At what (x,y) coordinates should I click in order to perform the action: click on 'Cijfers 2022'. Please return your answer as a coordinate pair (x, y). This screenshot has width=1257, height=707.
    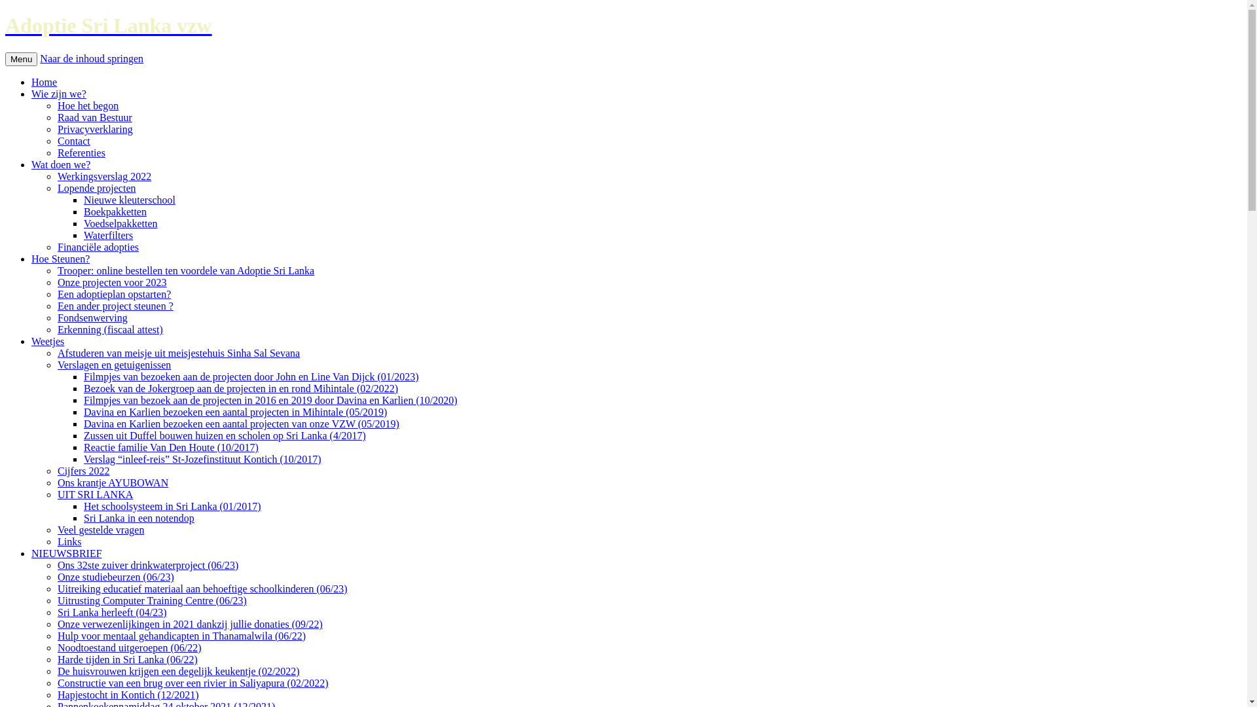
    Looking at the image, I should click on (83, 470).